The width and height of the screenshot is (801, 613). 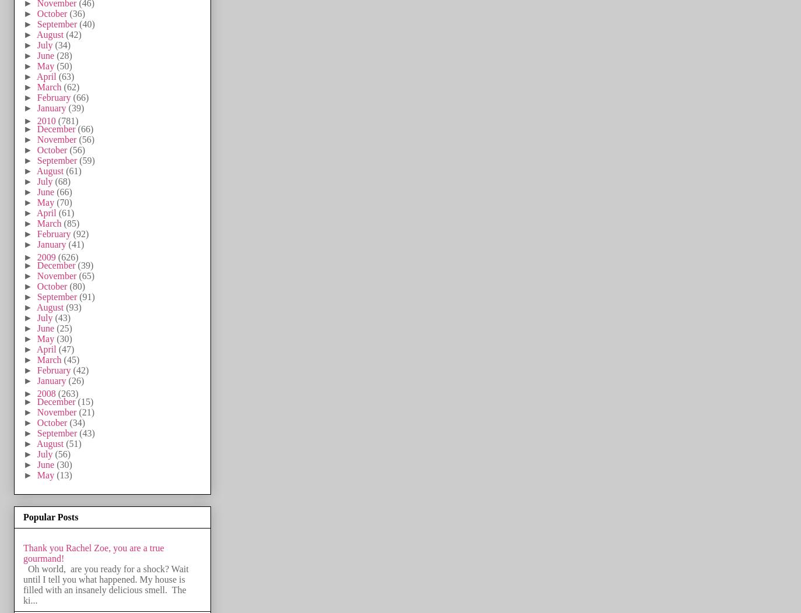 What do you see at coordinates (47, 120) in the screenshot?
I see `'2010'` at bounding box center [47, 120].